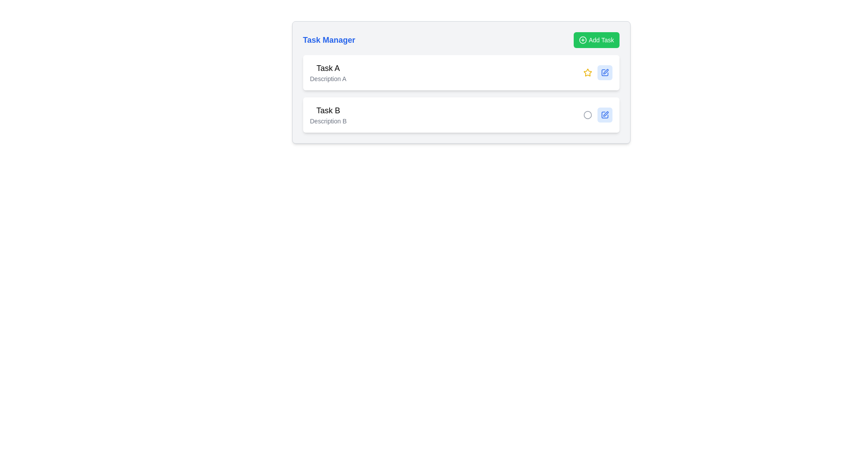  I want to click on the Icon button resembling a pen, which is styled with blue strokes and positioned in the first task row of the task list, so click(604, 72).